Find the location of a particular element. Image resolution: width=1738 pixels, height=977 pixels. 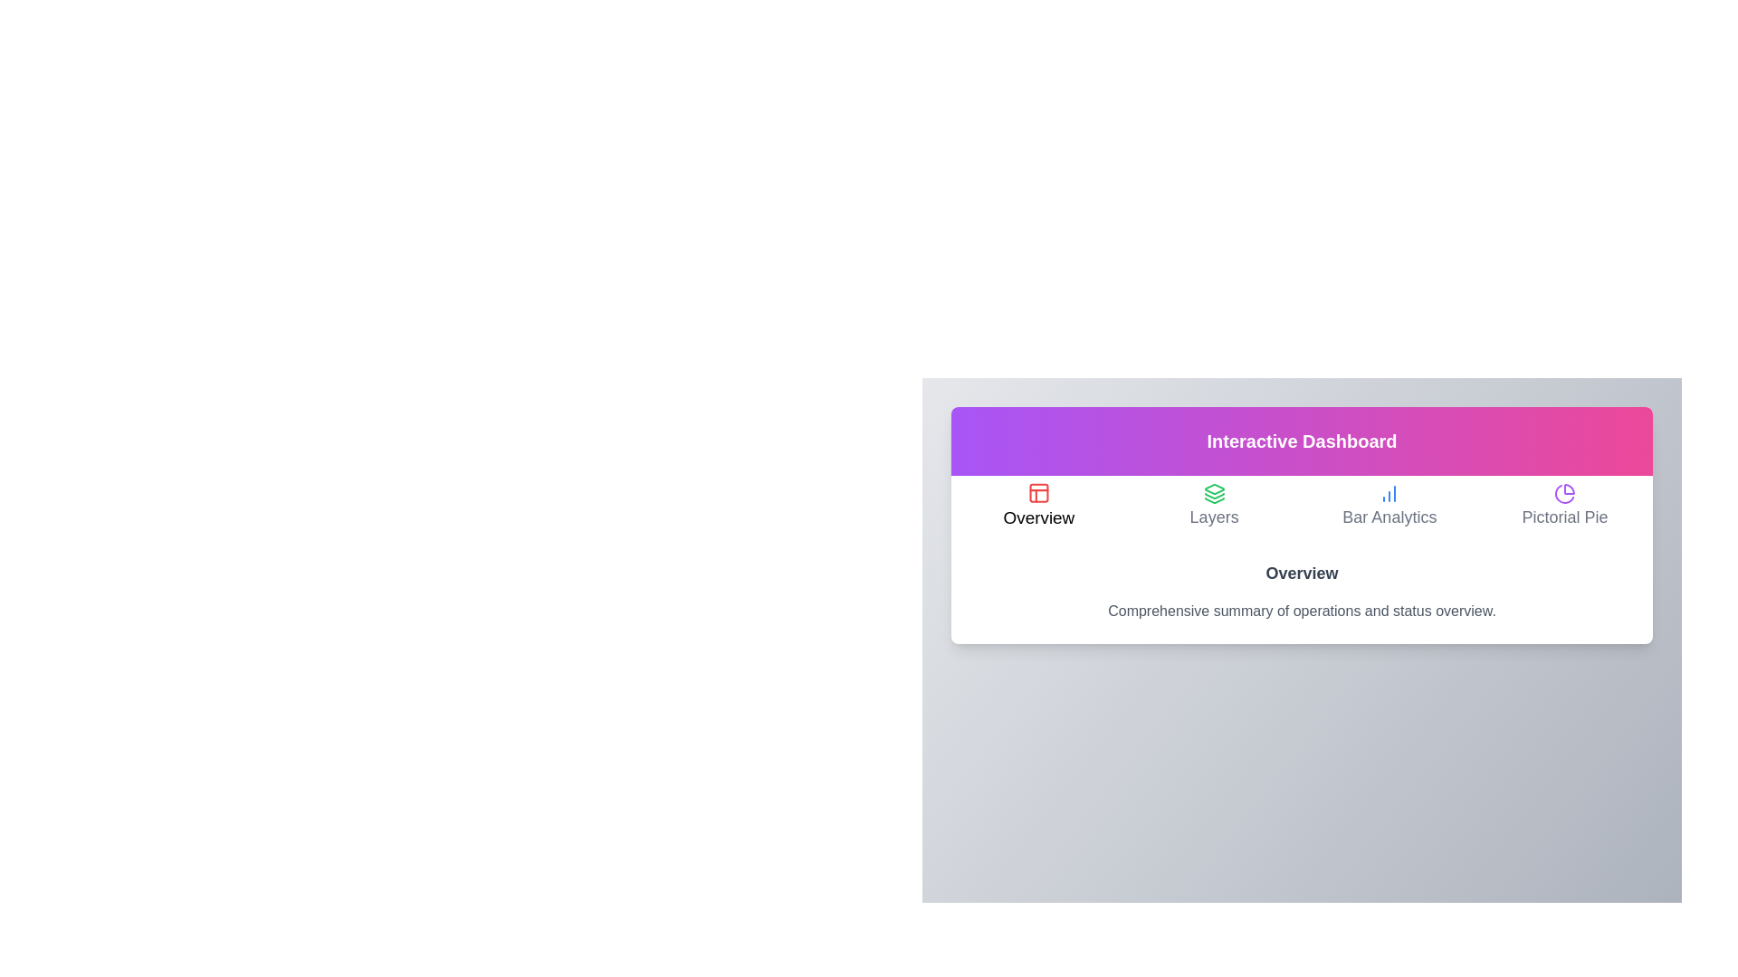

the Bar Analytics tab is located at coordinates (1389, 507).